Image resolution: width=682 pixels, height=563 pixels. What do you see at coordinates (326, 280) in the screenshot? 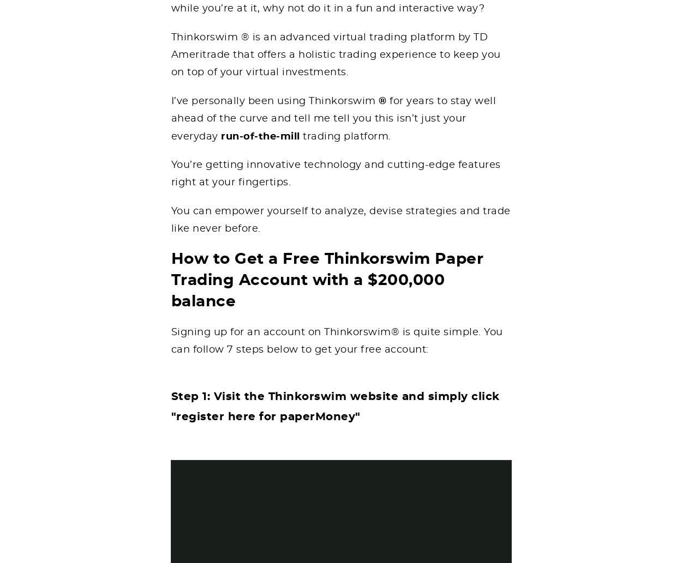
I see `'How to Get a Free Thinkorswim Paper Trading Account with a $200,000 balance'` at bounding box center [326, 280].